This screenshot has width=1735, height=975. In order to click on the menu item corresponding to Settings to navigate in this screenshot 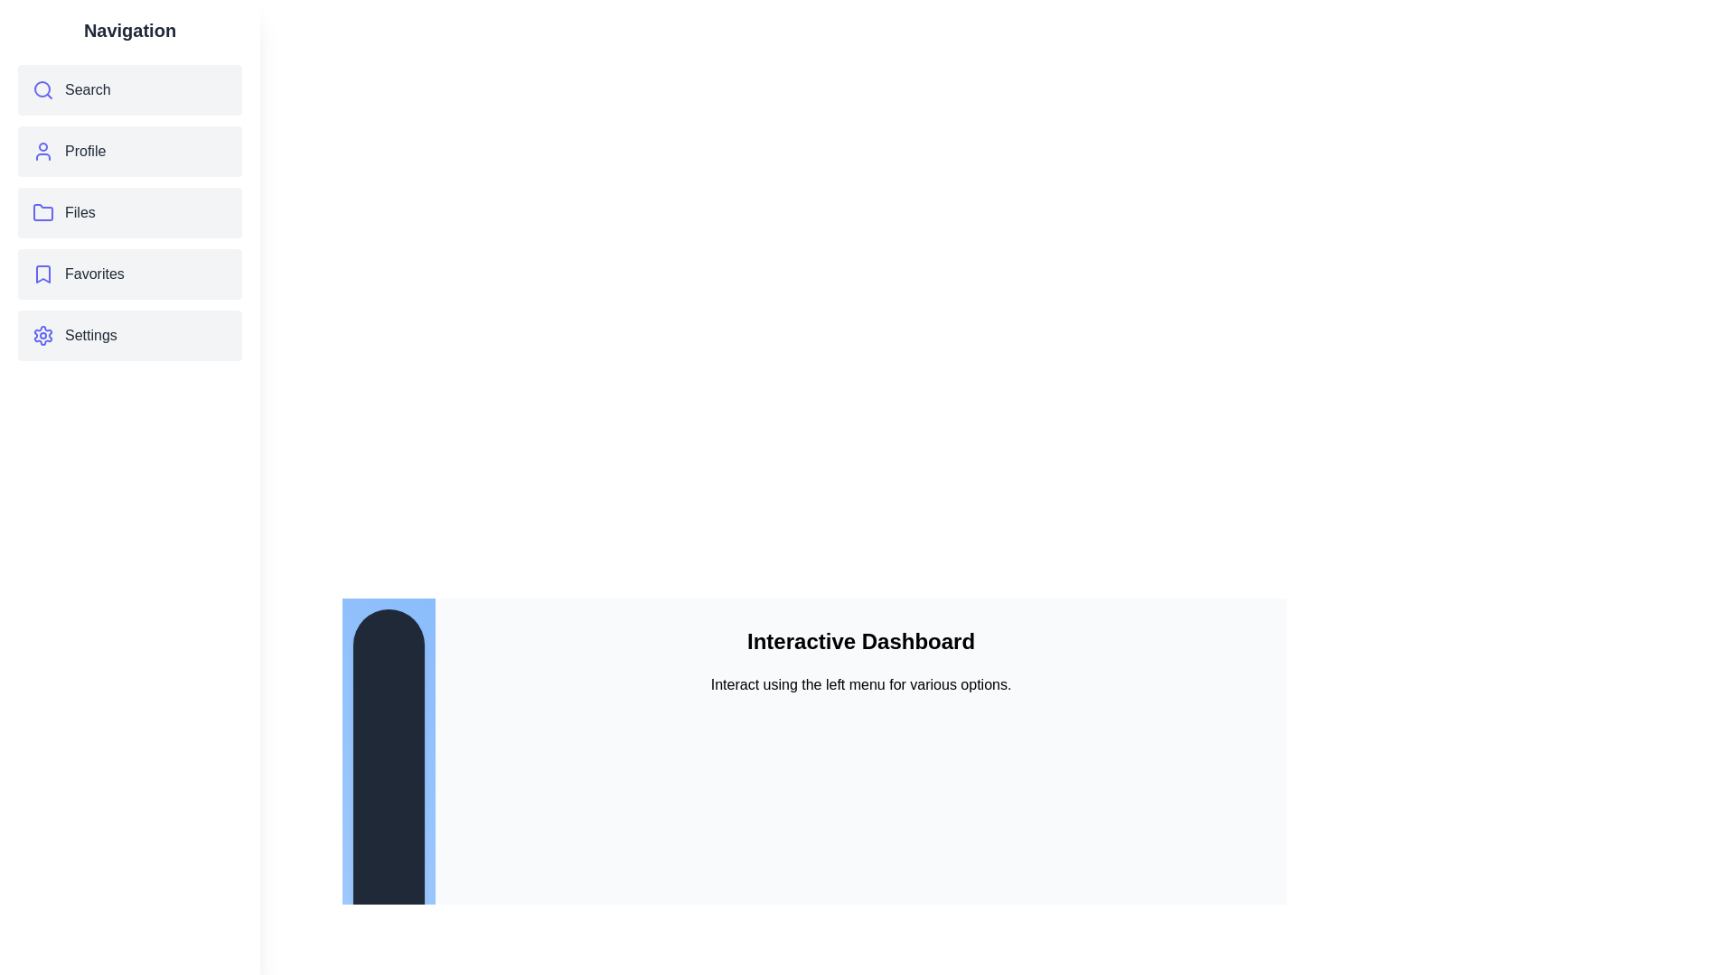, I will do `click(129, 335)`.